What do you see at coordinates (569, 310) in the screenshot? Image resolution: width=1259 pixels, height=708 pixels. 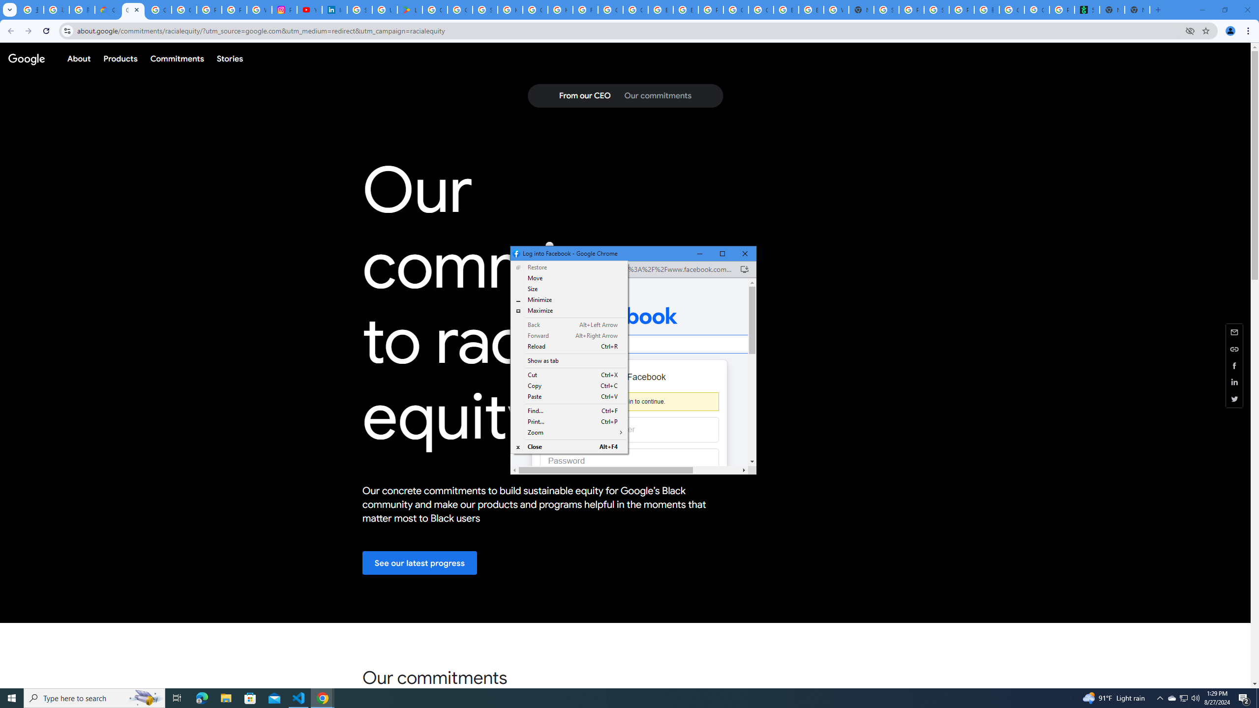 I see `'Size'` at bounding box center [569, 310].